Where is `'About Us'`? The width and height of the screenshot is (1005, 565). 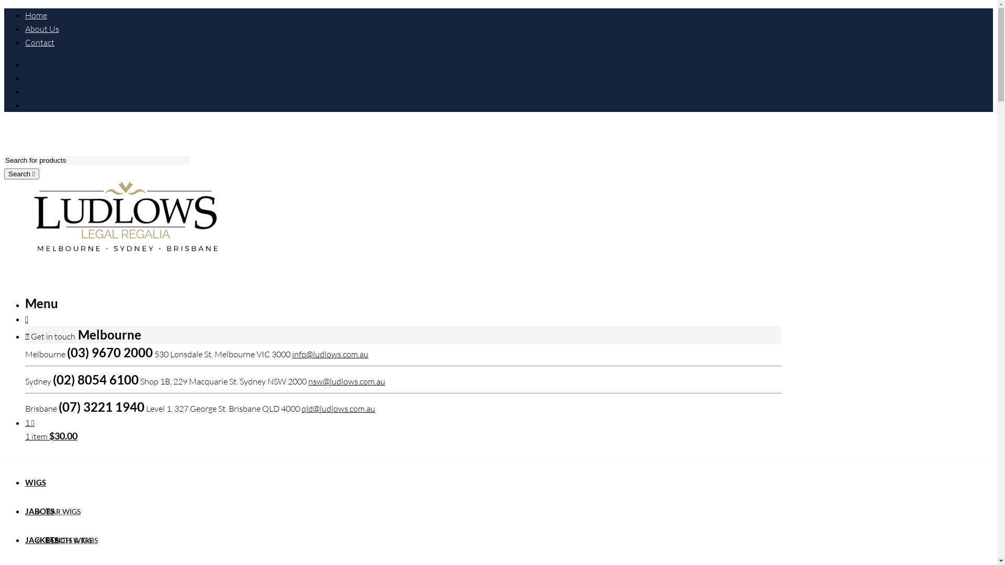
'About Us' is located at coordinates (42, 28).